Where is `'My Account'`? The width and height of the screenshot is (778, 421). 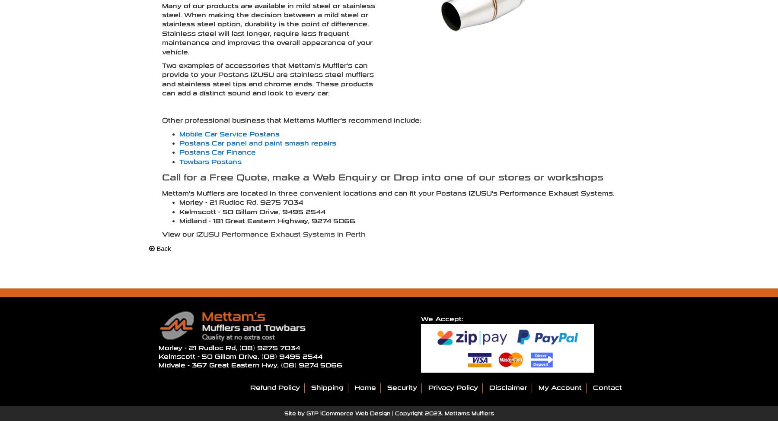 'My Account' is located at coordinates (538, 387).